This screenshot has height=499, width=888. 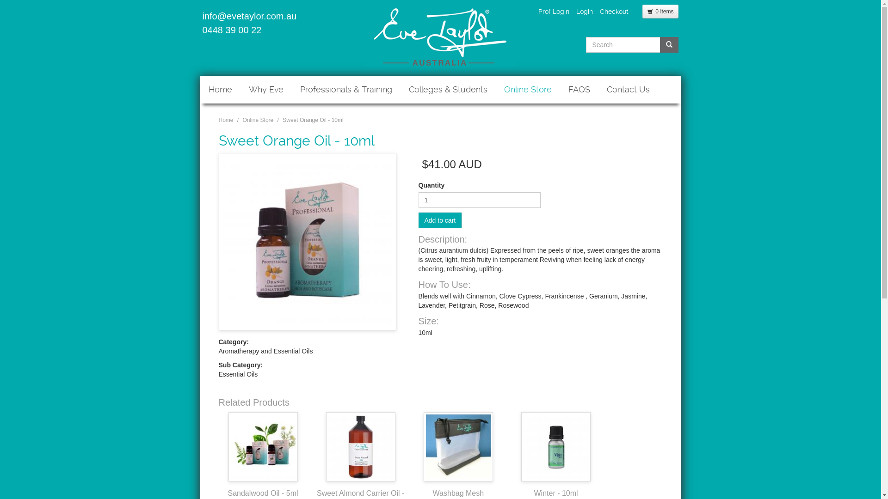 I want to click on 'Search', so click(x=679, y=53).